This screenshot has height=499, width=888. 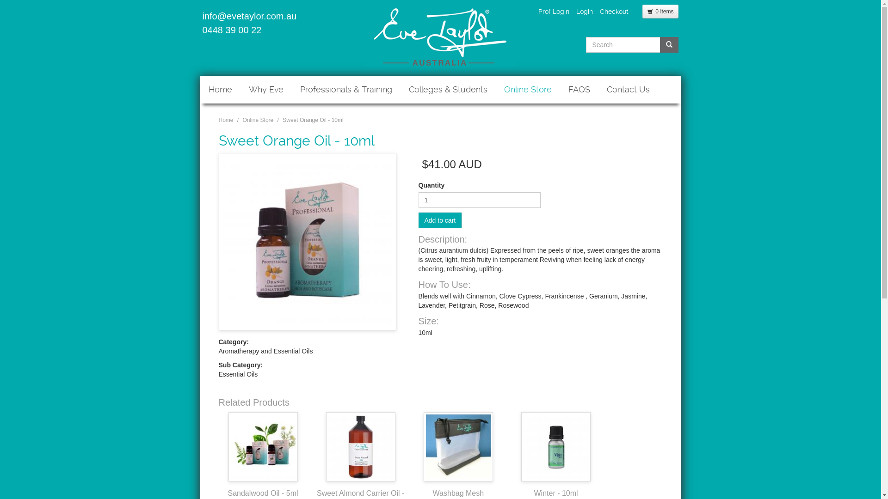 I want to click on 'Search', so click(x=679, y=53).